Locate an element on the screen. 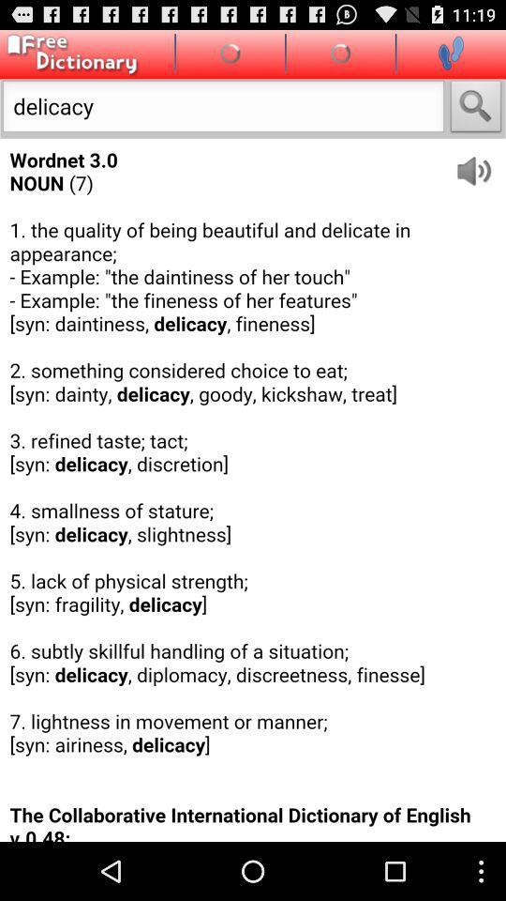 Image resolution: width=506 pixels, height=901 pixels. search is located at coordinates (476, 108).